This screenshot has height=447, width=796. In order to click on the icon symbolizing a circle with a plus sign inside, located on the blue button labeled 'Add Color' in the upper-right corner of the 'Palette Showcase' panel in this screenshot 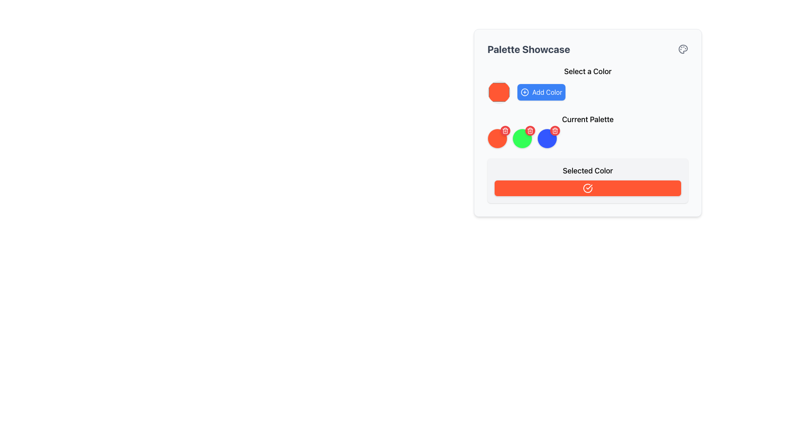, I will do `click(524, 92)`.